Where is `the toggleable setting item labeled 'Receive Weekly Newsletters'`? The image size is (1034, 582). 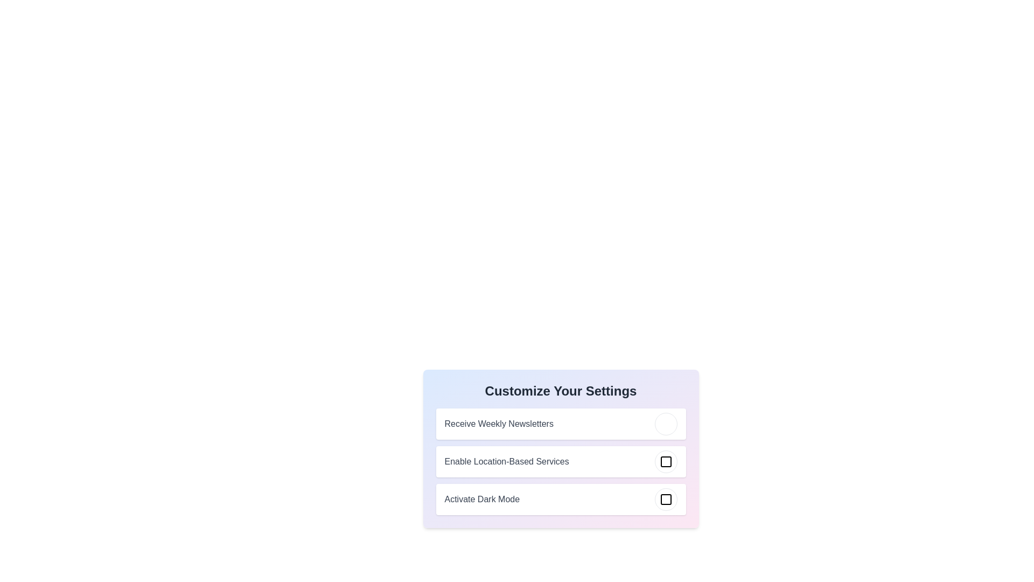
the toggleable setting item labeled 'Receive Weekly Newsletters' is located at coordinates (560, 423).